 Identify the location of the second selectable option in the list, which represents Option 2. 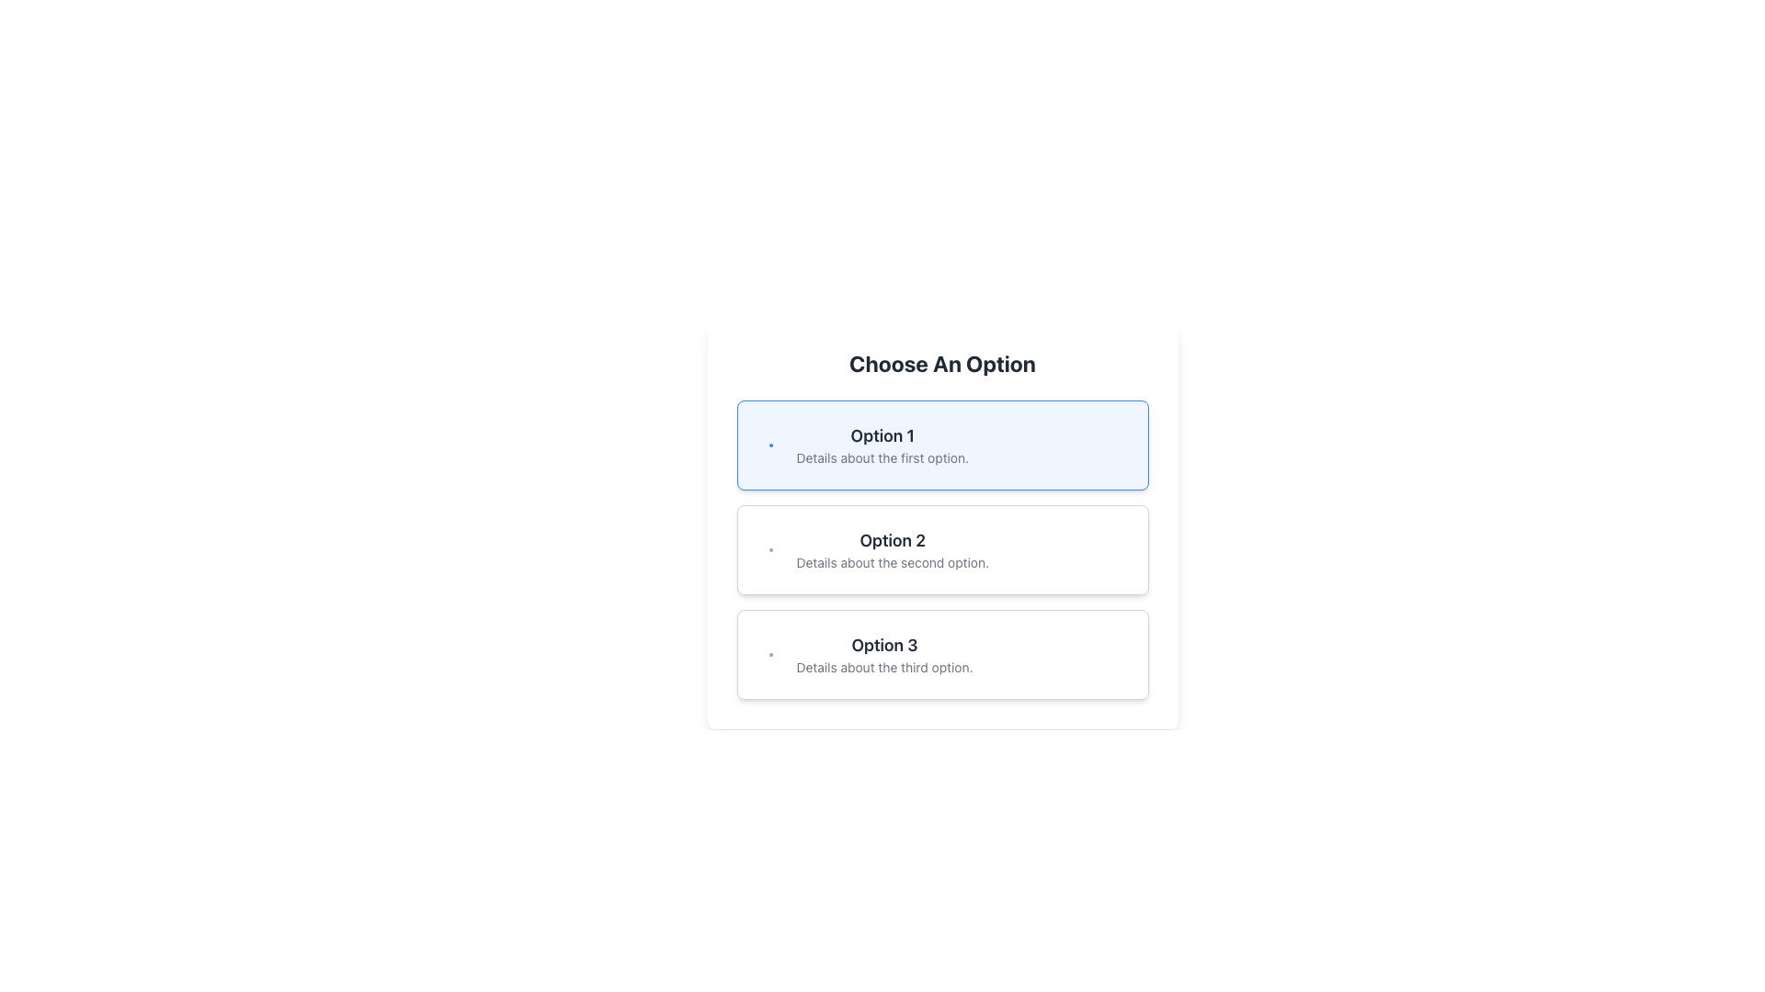
(893, 548).